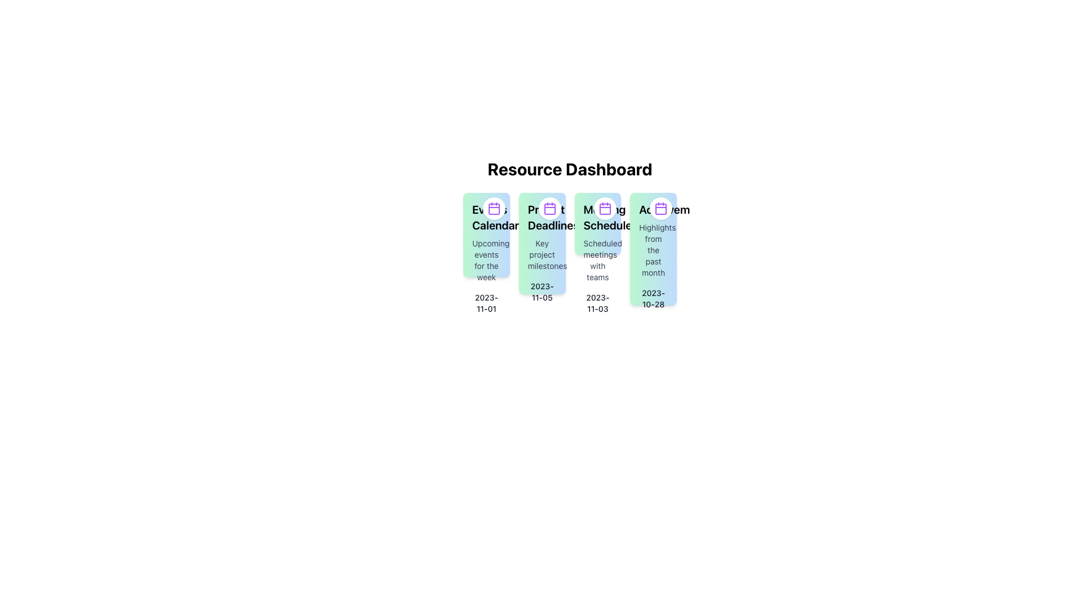 This screenshot has height=609, width=1082. I want to click on the calendar icon located in the top-right corner of the first column under the 'Resource Dashboard' heading, so click(494, 209).